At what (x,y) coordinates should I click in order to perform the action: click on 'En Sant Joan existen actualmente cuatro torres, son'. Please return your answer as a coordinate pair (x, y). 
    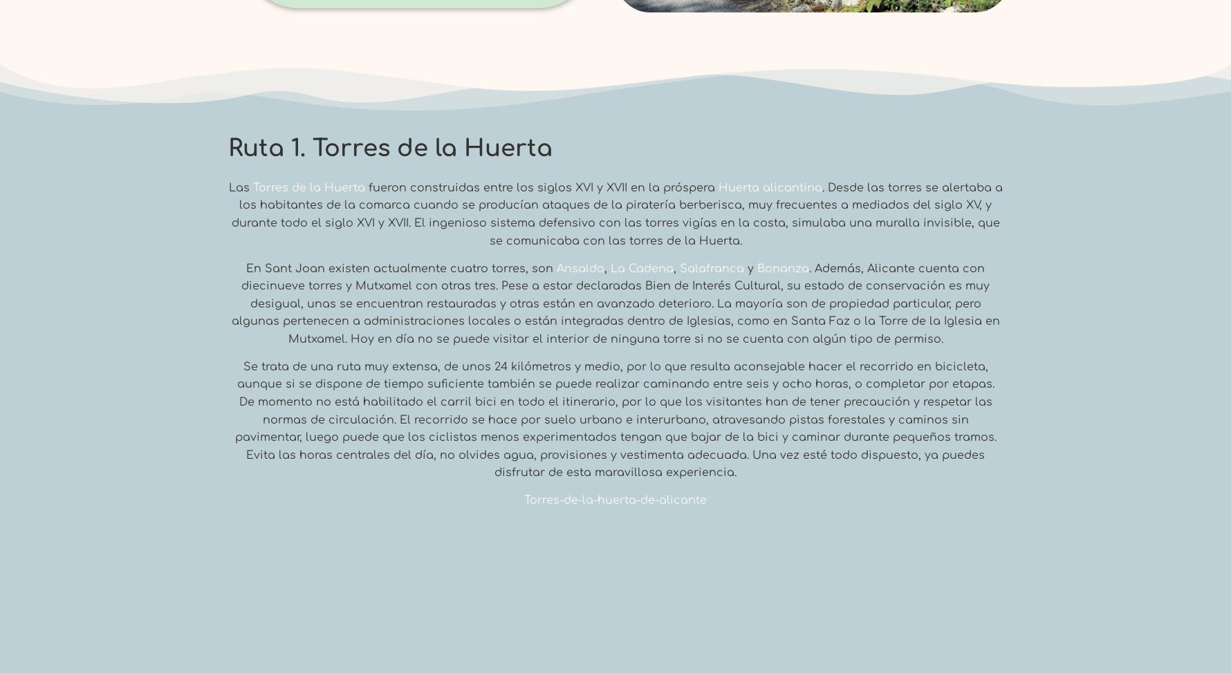
    Looking at the image, I should click on (400, 268).